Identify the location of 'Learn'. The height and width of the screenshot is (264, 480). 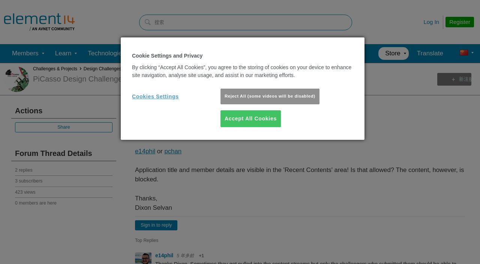
(63, 53).